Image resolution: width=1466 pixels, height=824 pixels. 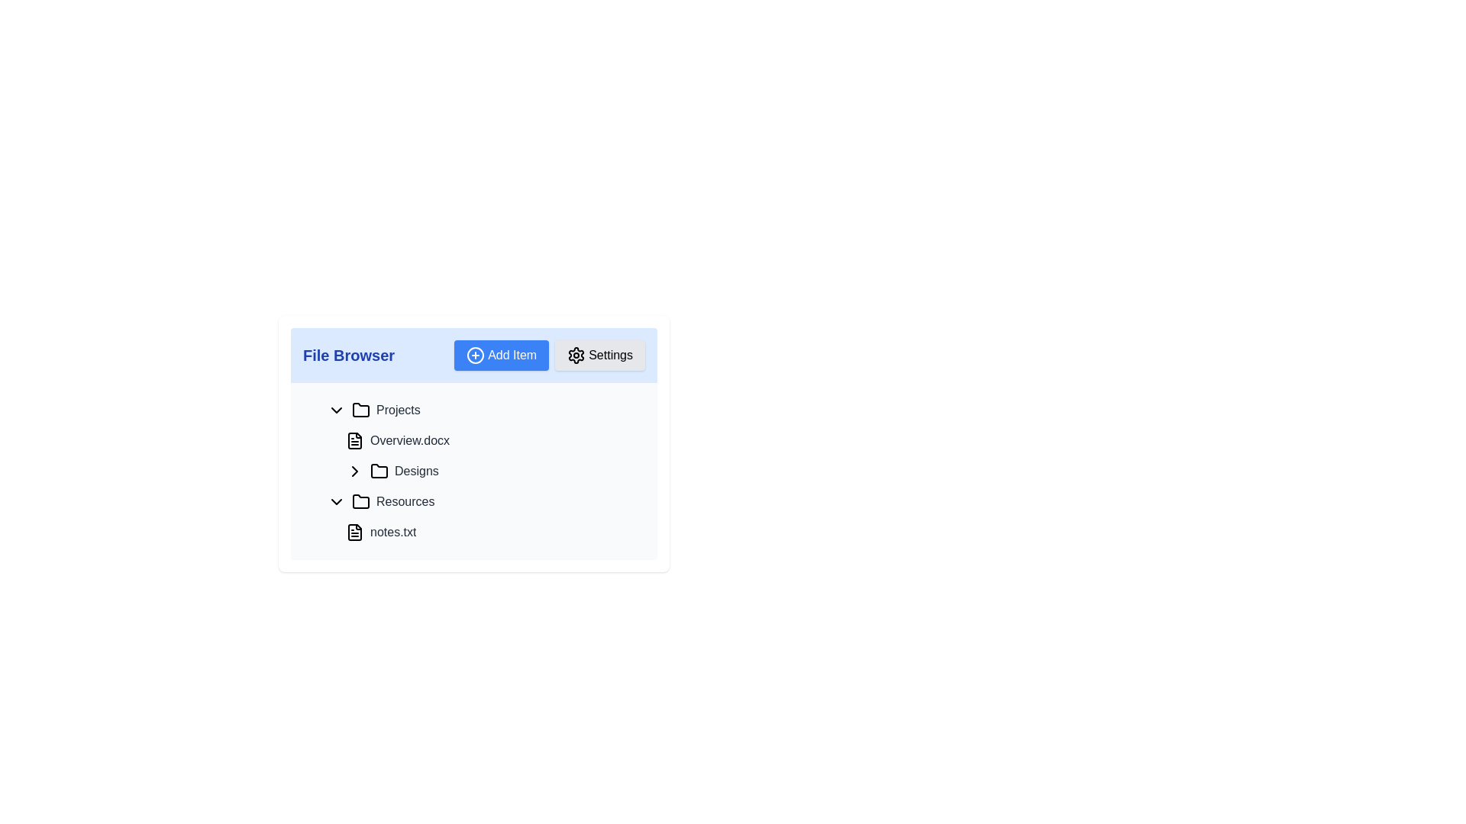 I want to click on the Chevron icon, so click(x=336, y=409).